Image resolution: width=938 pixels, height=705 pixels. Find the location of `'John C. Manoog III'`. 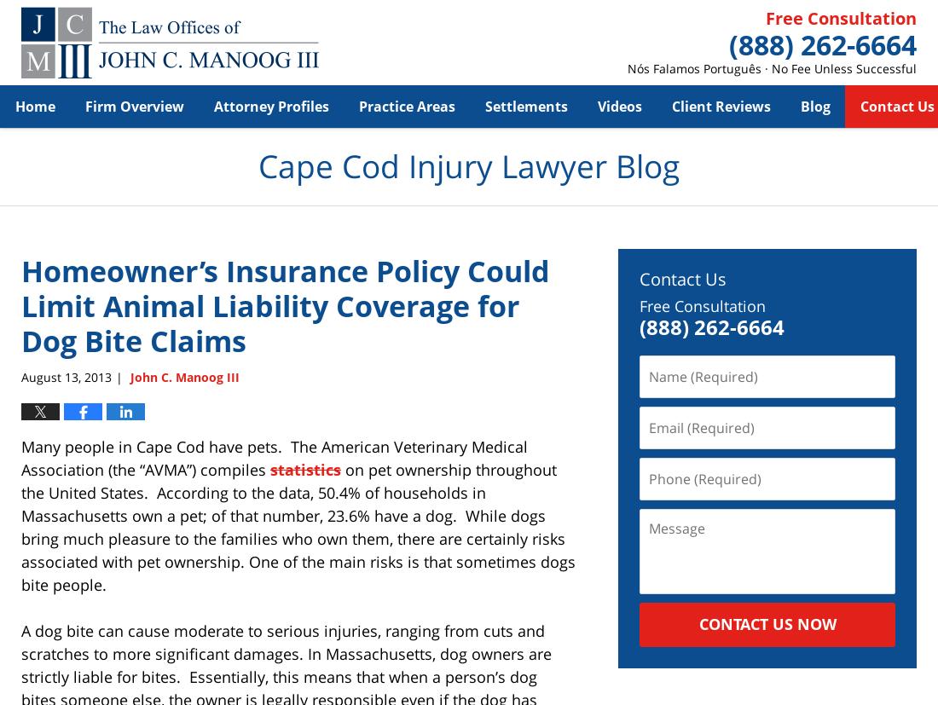

'John C. Manoog III' is located at coordinates (185, 375).